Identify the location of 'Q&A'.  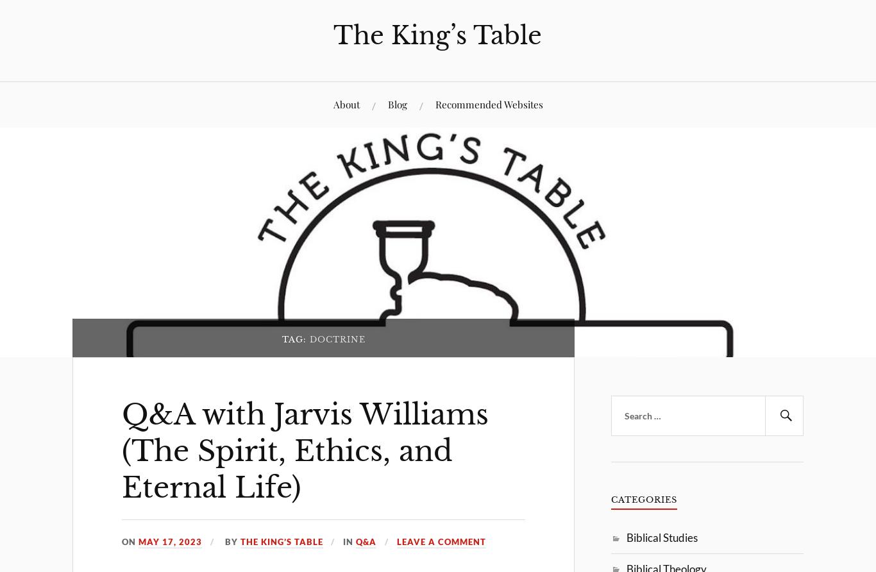
(365, 541).